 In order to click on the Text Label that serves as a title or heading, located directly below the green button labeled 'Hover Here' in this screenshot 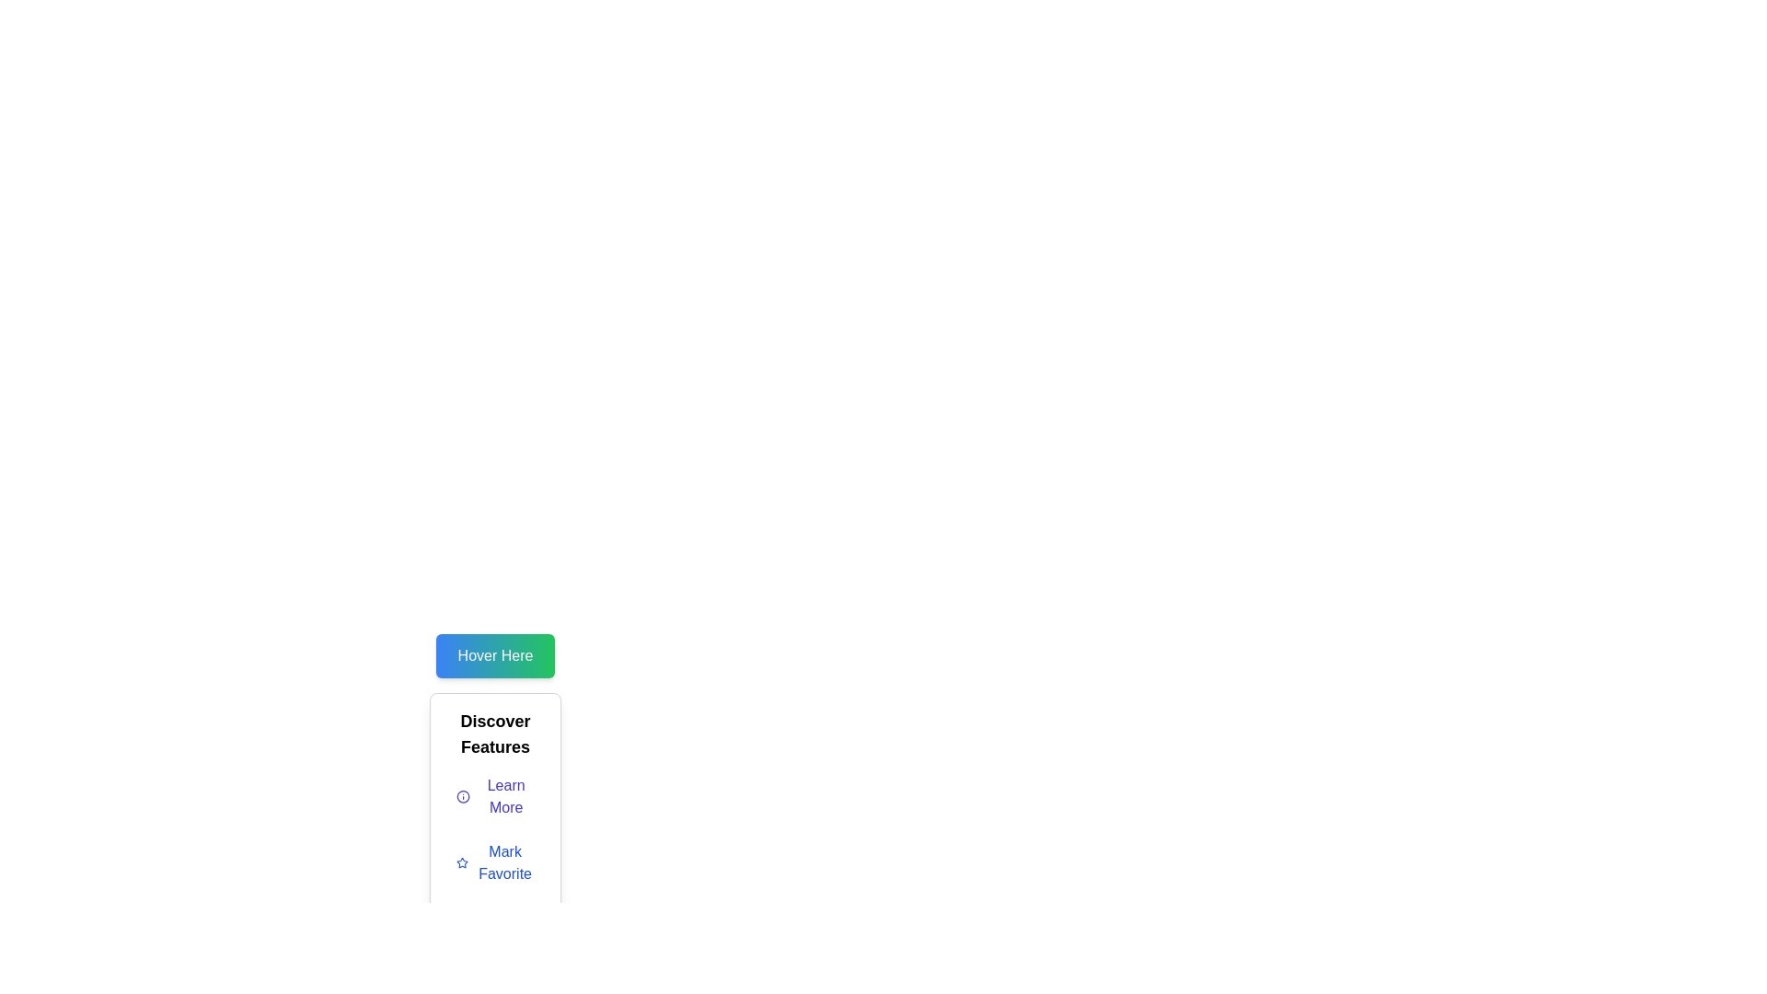, I will do `click(495, 734)`.